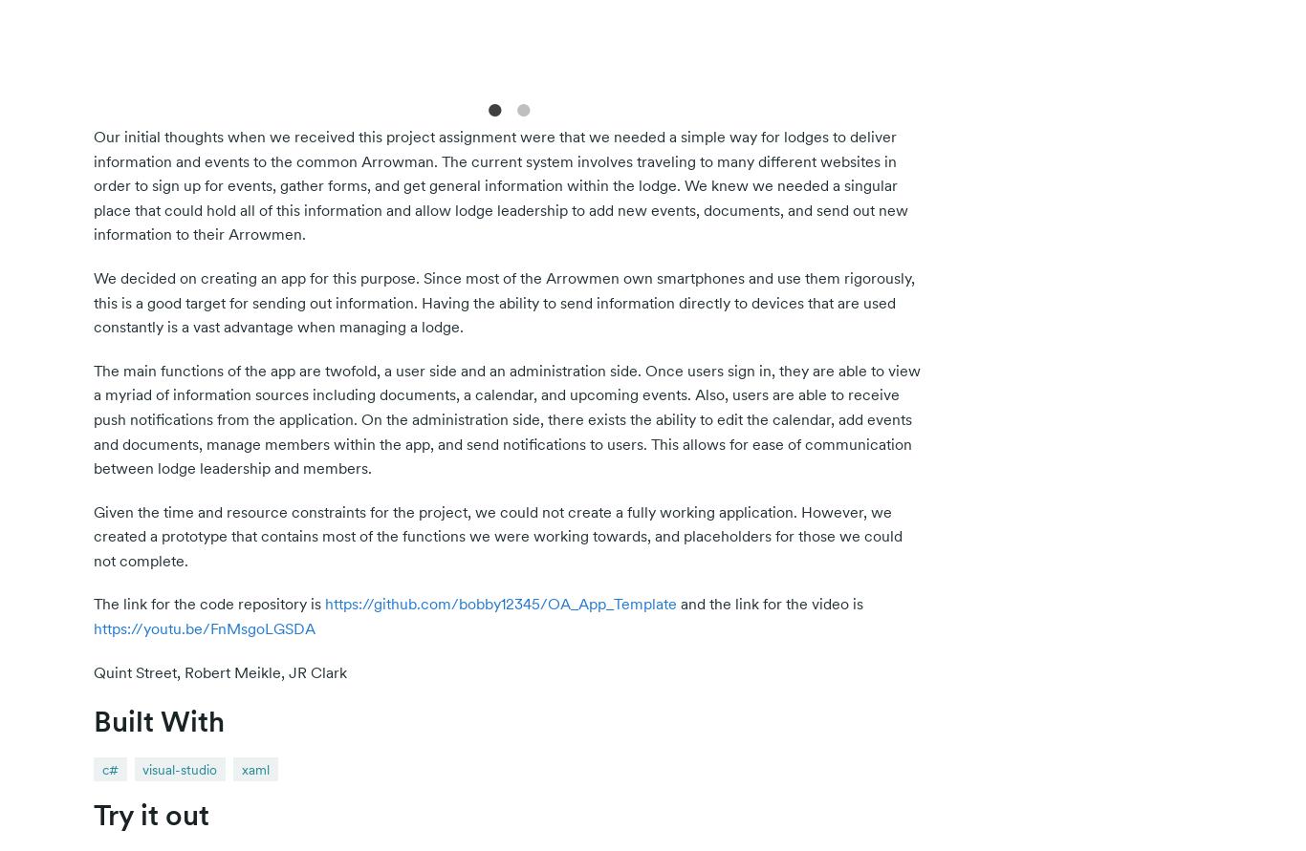  Describe the element at coordinates (109, 768) in the screenshot. I see `'c#'` at that location.